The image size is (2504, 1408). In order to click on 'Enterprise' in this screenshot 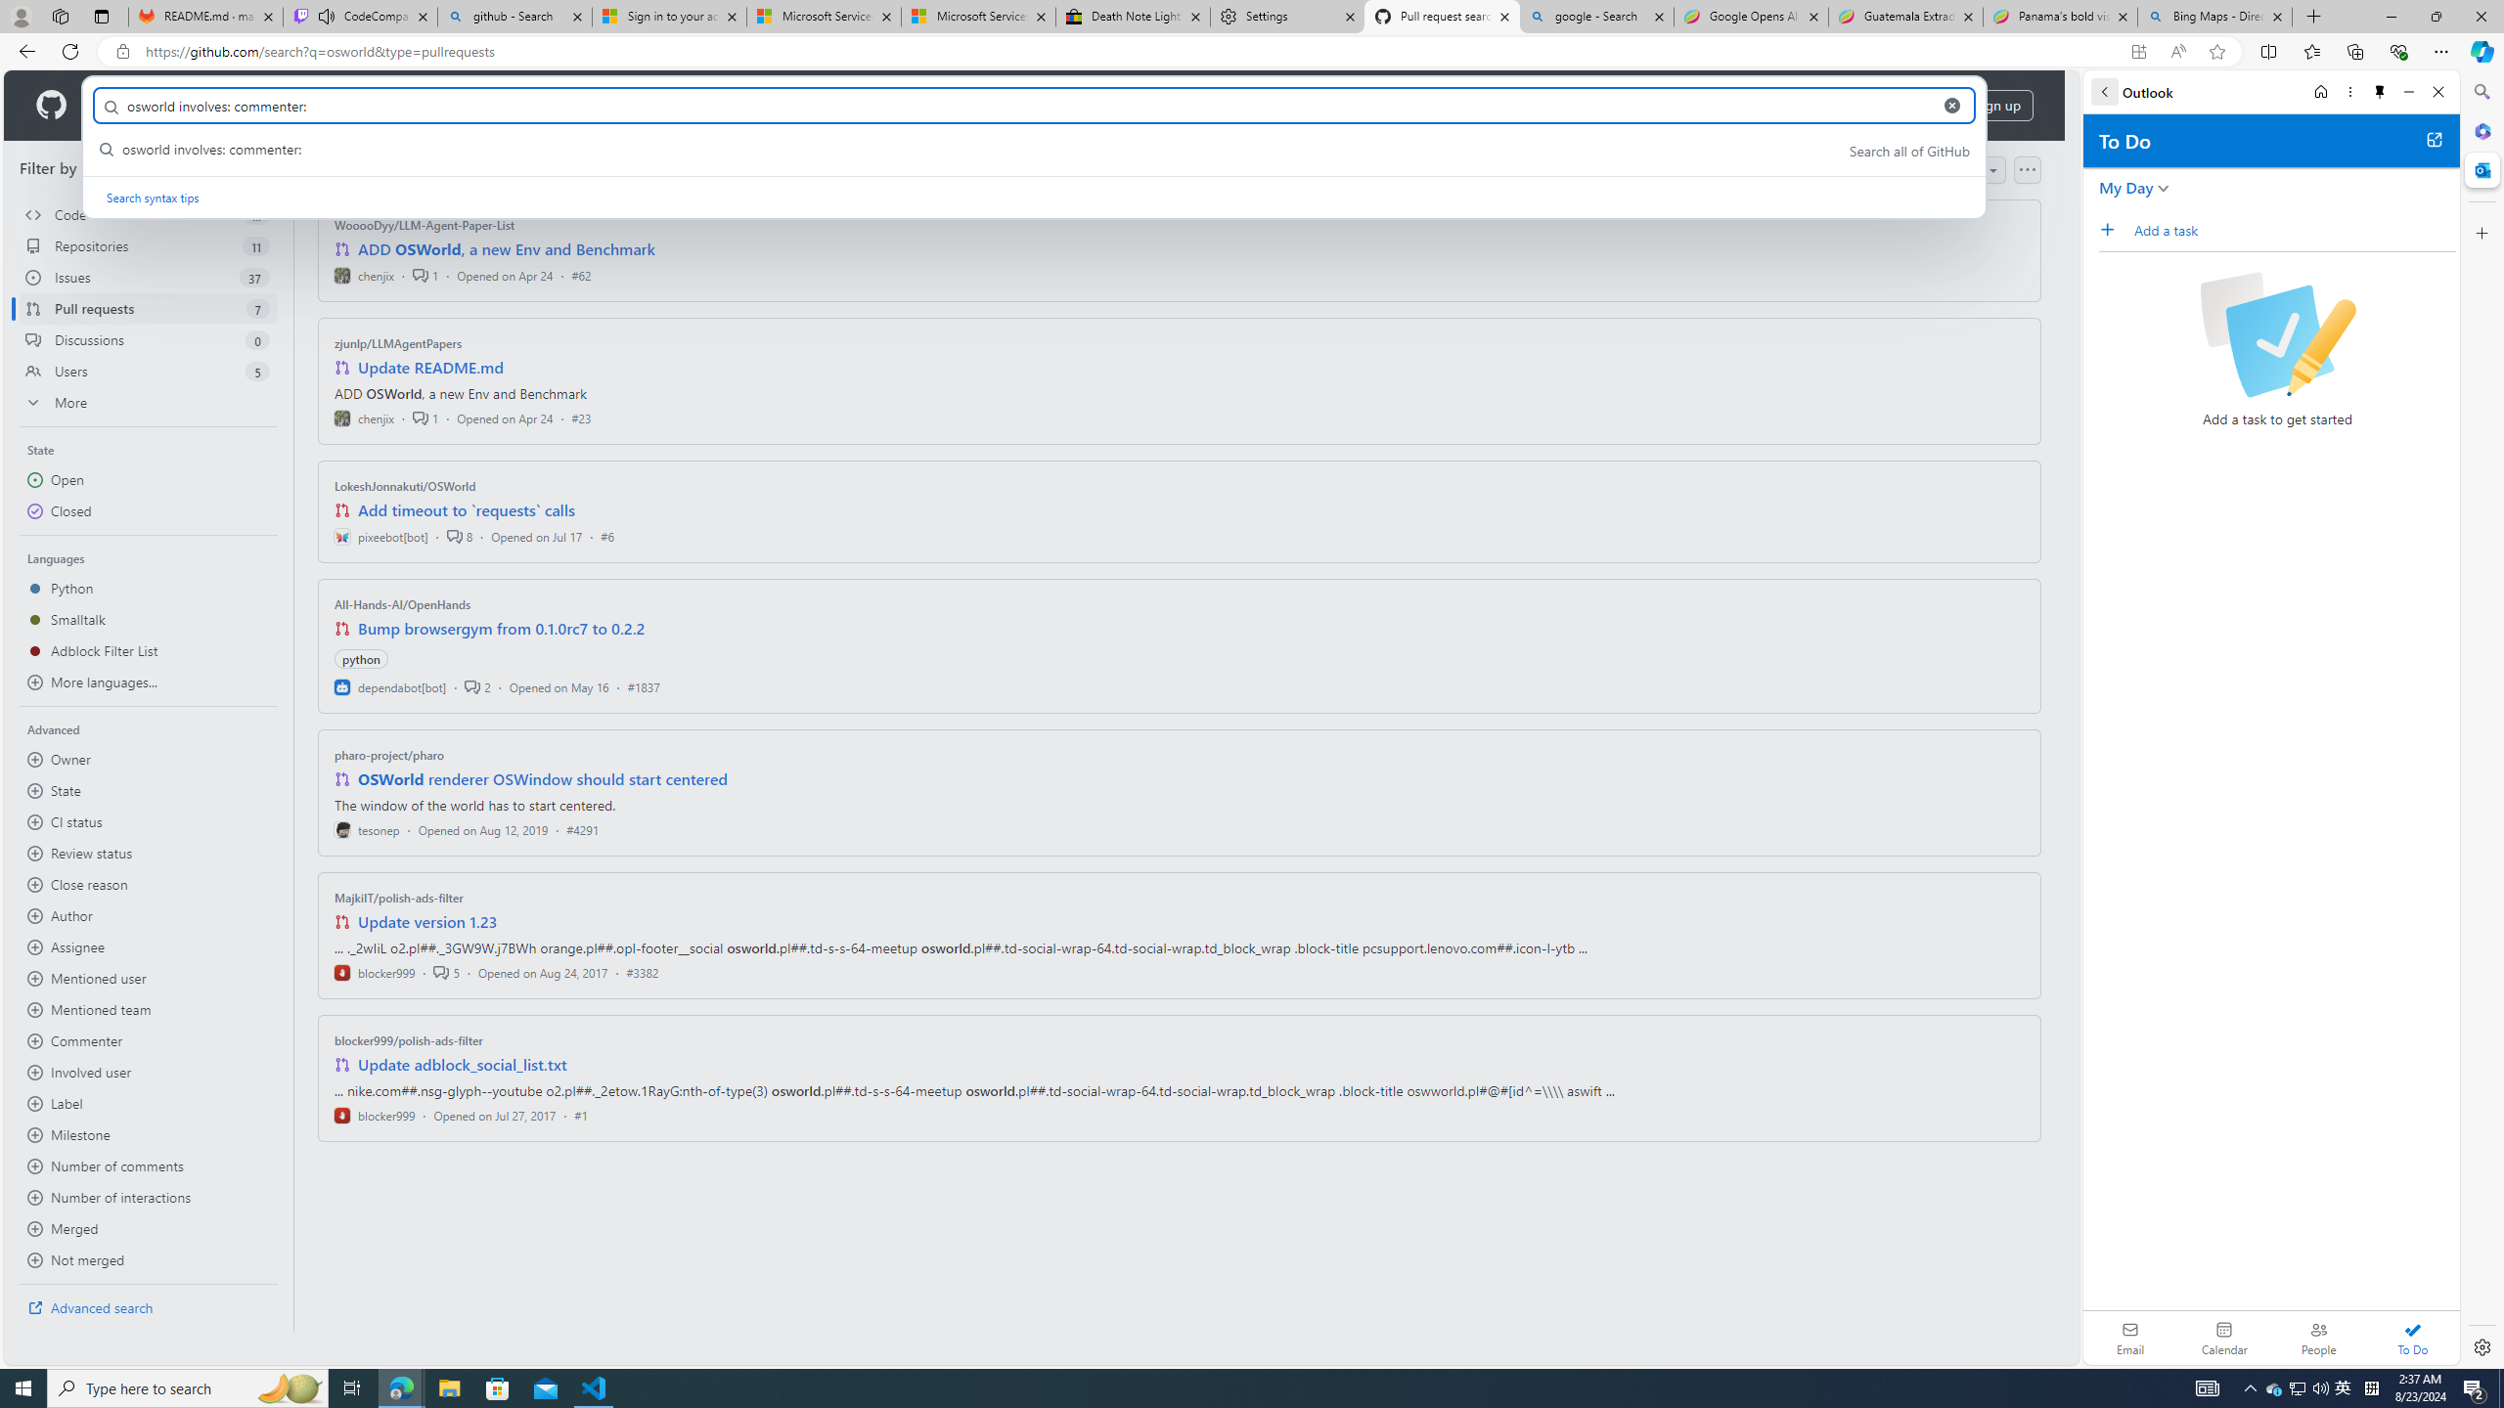, I will do `click(550, 105)`.